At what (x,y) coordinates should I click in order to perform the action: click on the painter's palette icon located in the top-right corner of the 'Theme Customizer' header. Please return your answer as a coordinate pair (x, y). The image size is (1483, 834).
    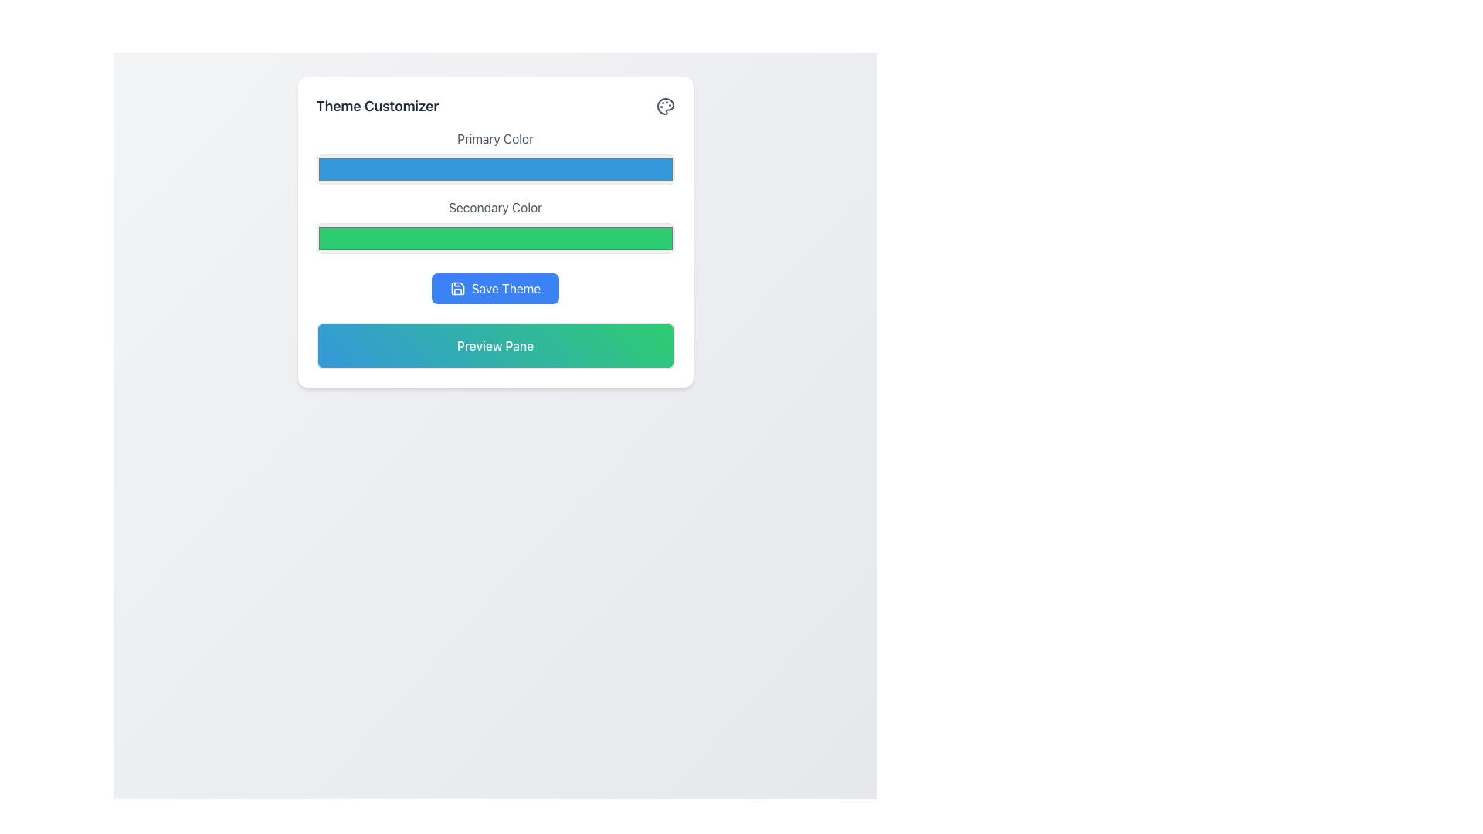
    Looking at the image, I should click on (665, 106).